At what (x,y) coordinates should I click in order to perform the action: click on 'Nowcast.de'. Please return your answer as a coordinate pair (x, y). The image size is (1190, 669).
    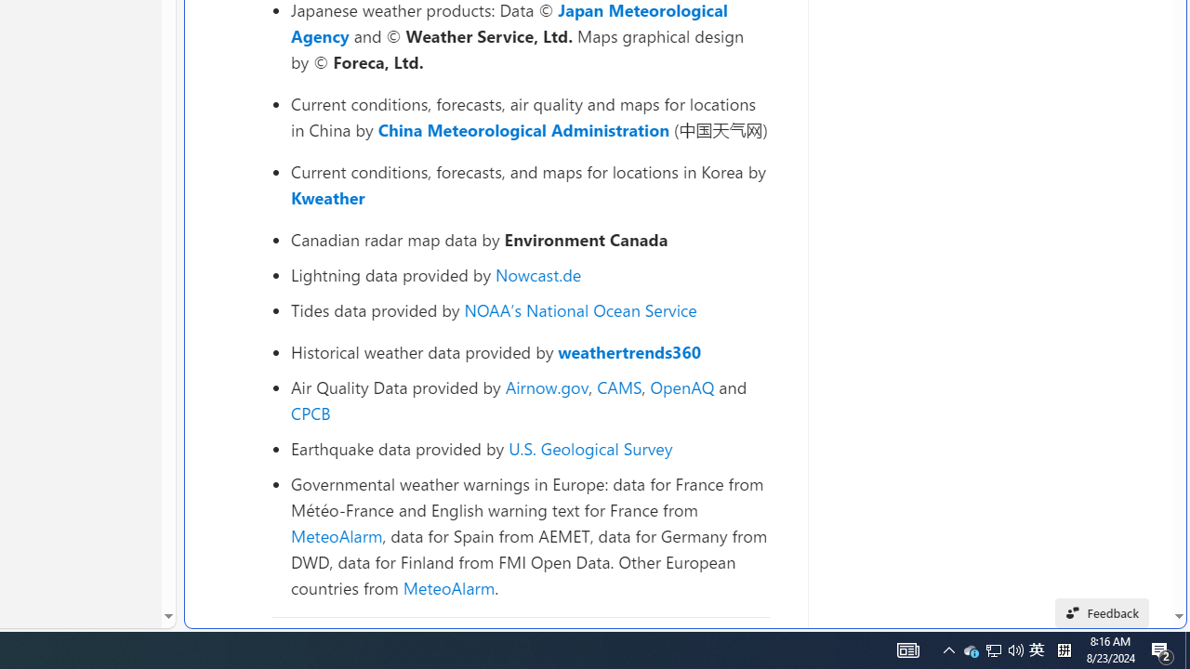
    Looking at the image, I should click on (537, 274).